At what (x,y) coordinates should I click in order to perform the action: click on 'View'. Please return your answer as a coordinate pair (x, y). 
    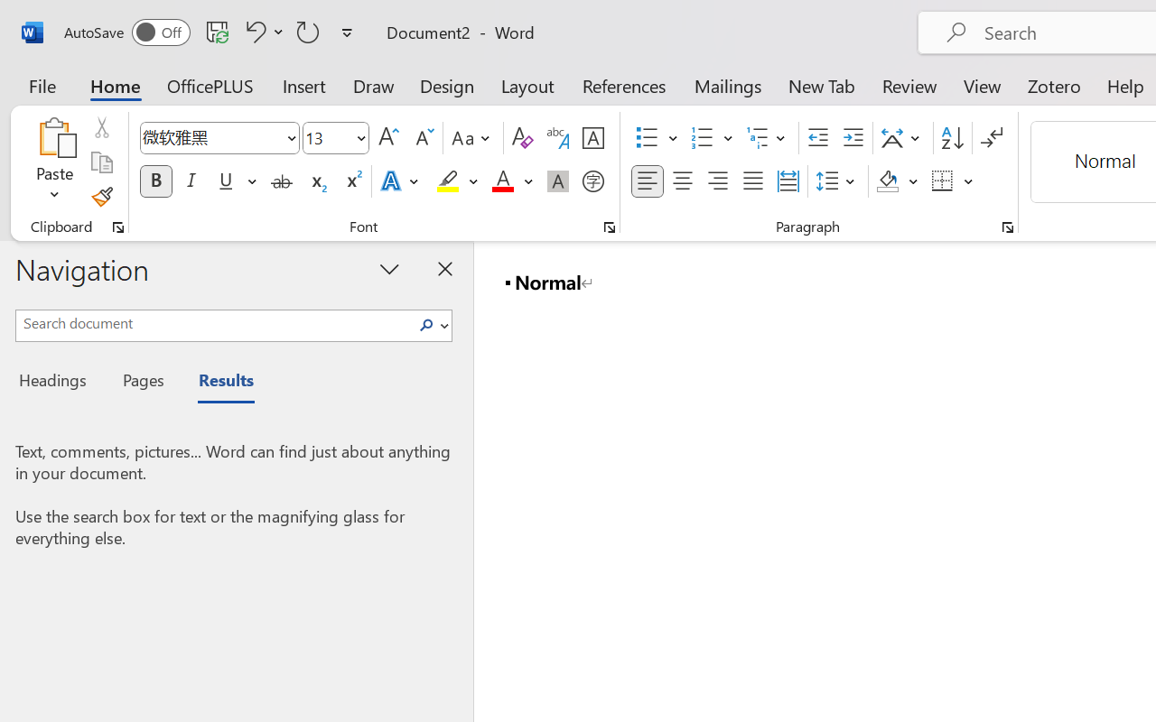
    Looking at the image, I should click on (982, 85).